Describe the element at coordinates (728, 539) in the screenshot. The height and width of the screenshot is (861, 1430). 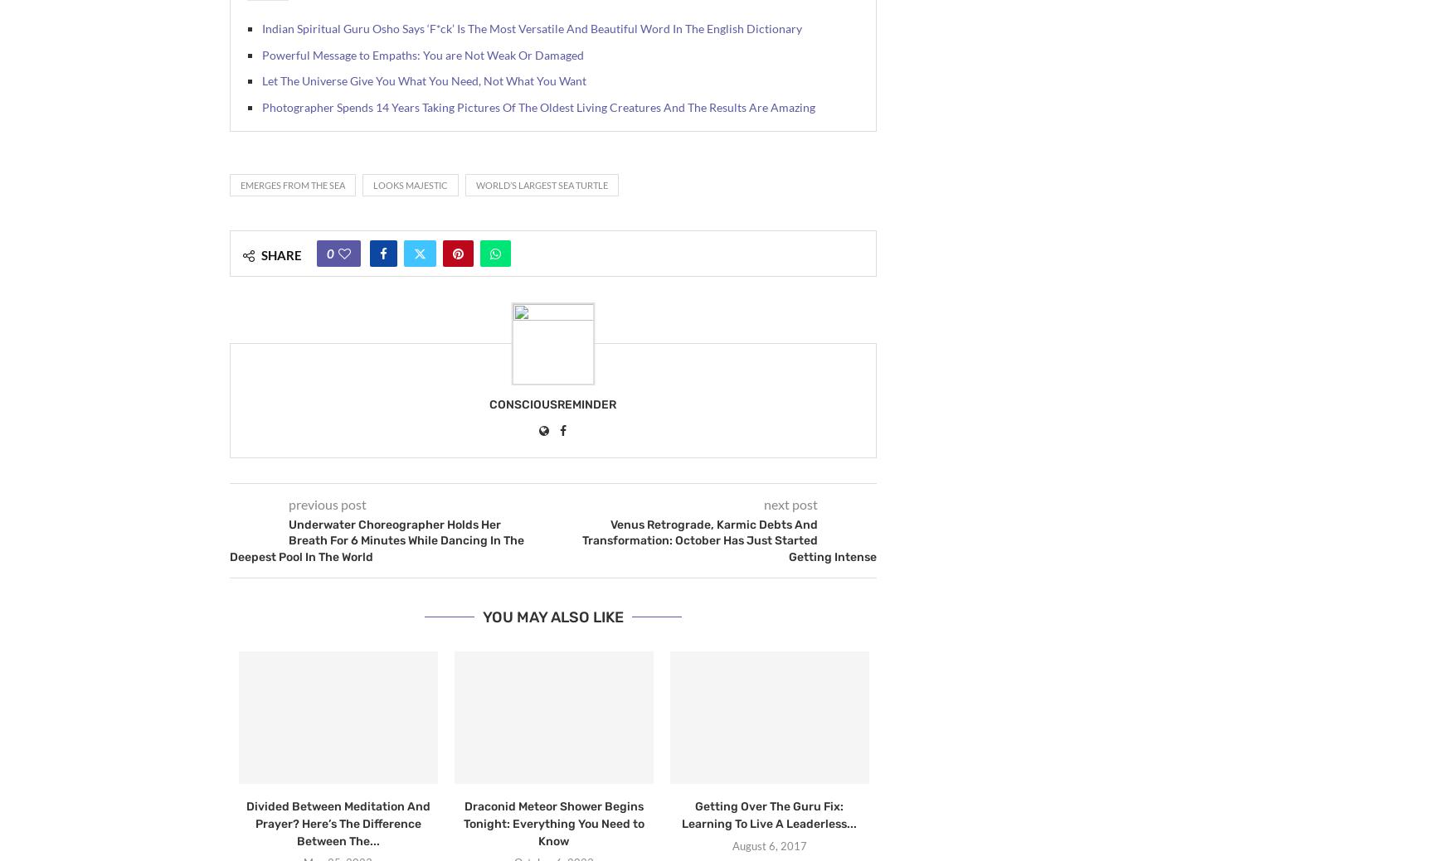
I see `'Venus Retrograde, Karmic Debts And Transformation: October Has Just Started Getting Intense'` at that location.